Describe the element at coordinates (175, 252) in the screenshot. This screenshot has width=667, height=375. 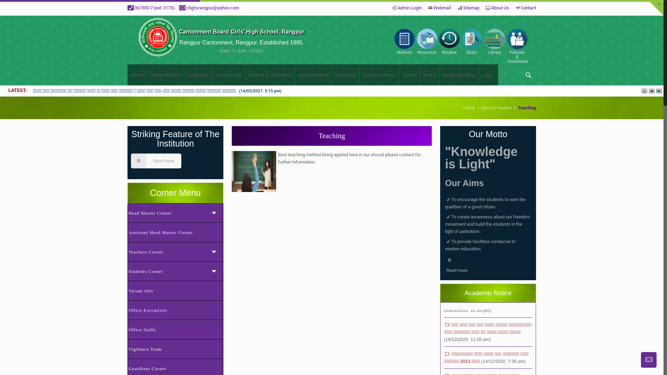
I see `'Teachers Corner'` at that location.